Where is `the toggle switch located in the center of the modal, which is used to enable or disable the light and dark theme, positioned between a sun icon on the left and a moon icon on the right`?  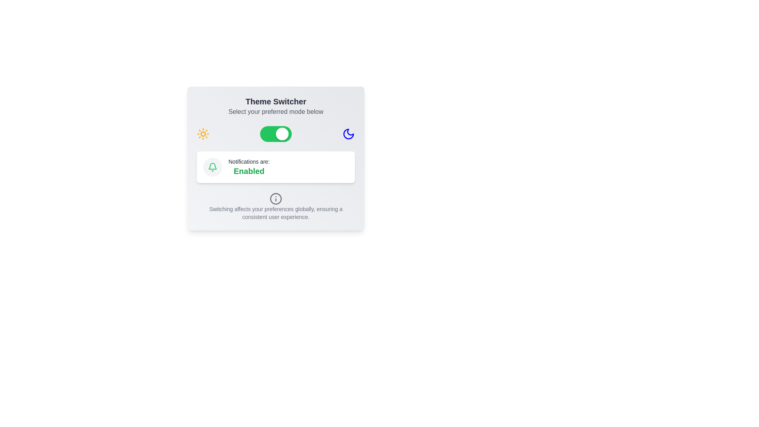 the toggle switch located in the center of the modal, which is used to enable or disable the light and dark theme, positioned between a sun icon on the left and a moon icon on the right is located at coordinates (276, 134).